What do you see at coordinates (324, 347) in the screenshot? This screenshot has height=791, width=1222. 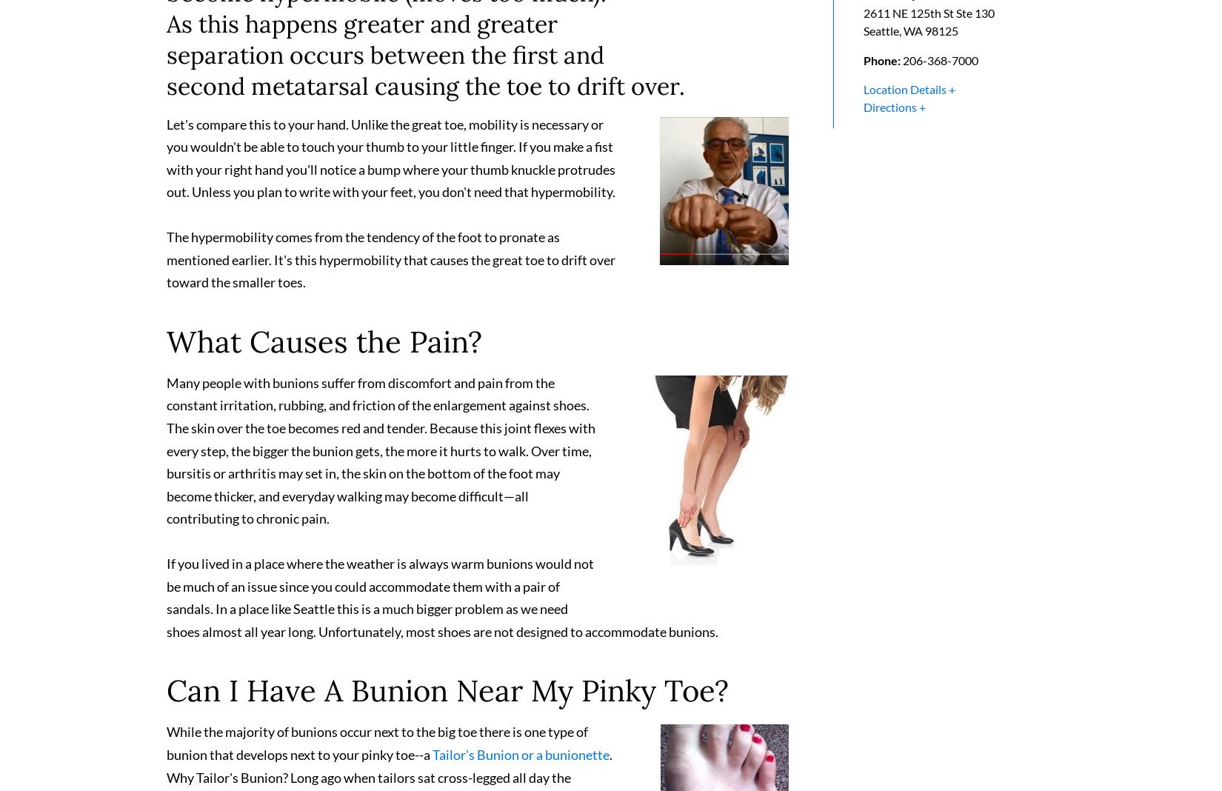 I see `'What Causes the Pain?'` at bounding box center [324, 347].